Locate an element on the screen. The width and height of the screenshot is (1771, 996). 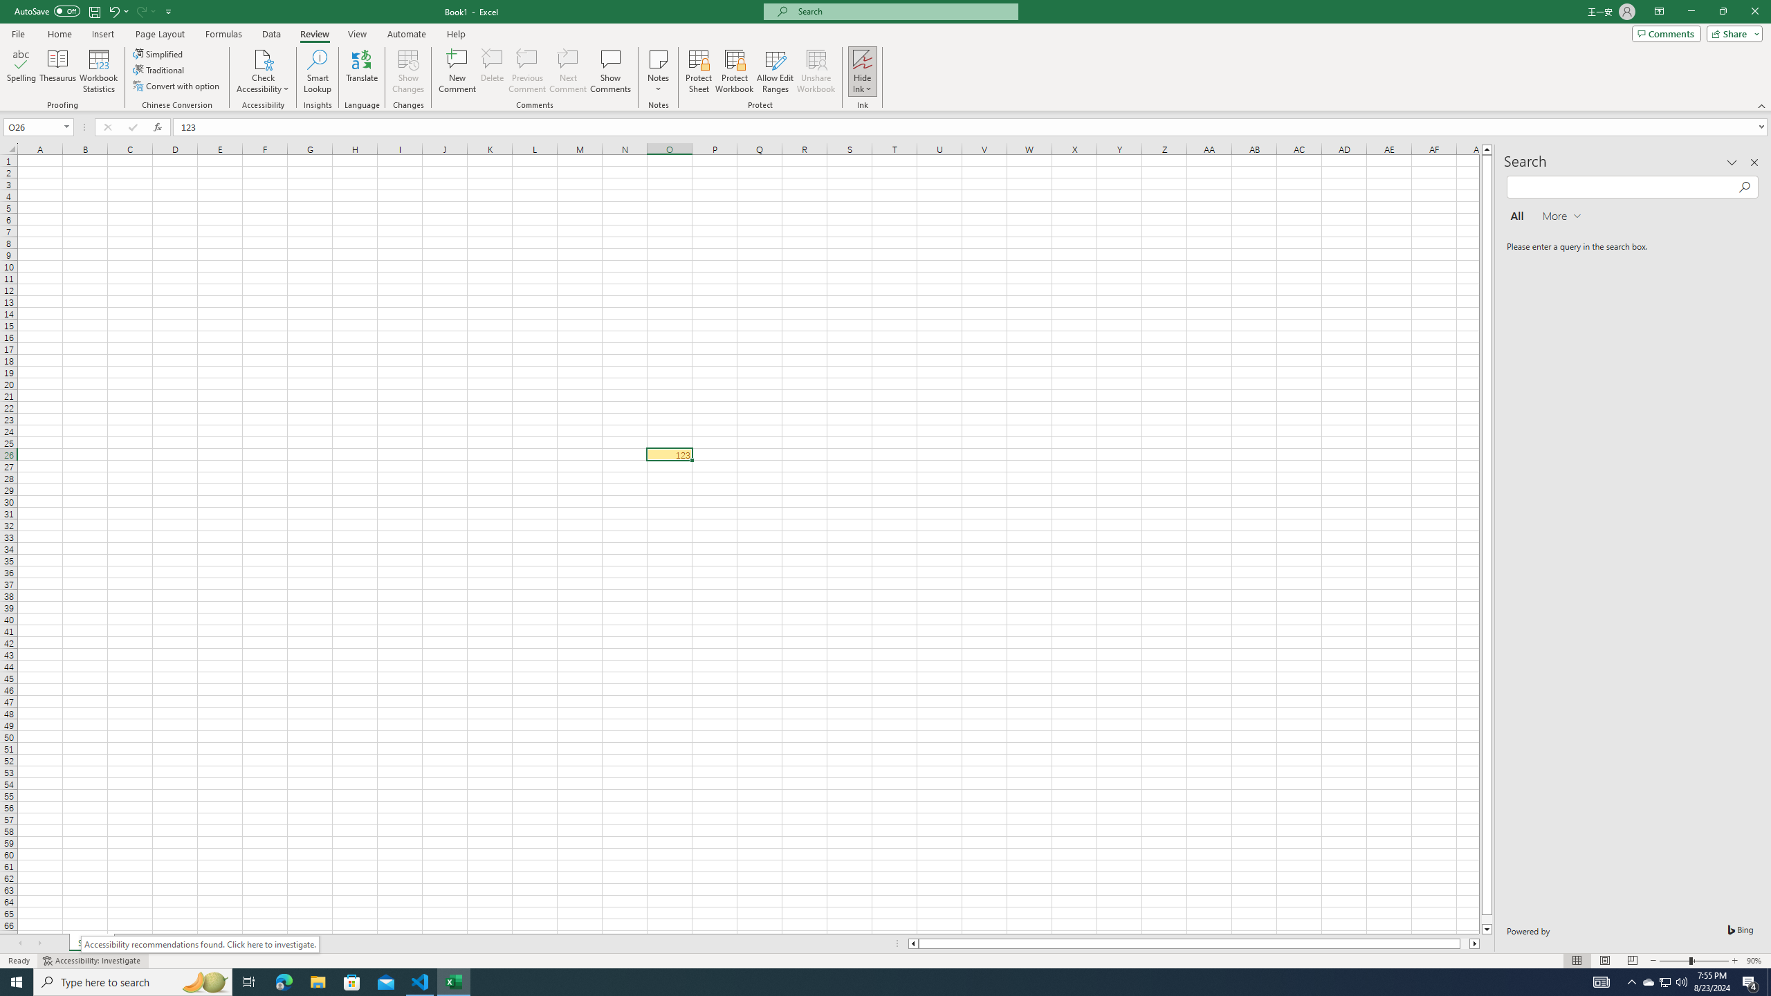
'Show Comments' is located at coordinates (609, 71).